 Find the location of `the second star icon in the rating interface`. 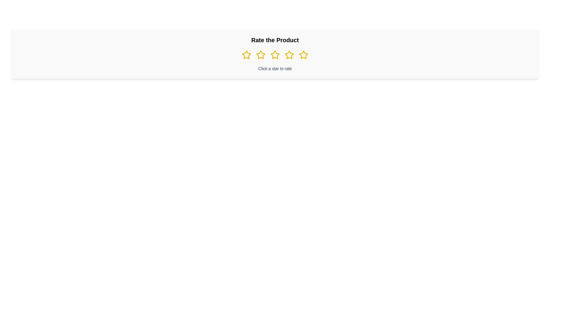

the second star icon in the rating interface is located at coordinates (261, 55).